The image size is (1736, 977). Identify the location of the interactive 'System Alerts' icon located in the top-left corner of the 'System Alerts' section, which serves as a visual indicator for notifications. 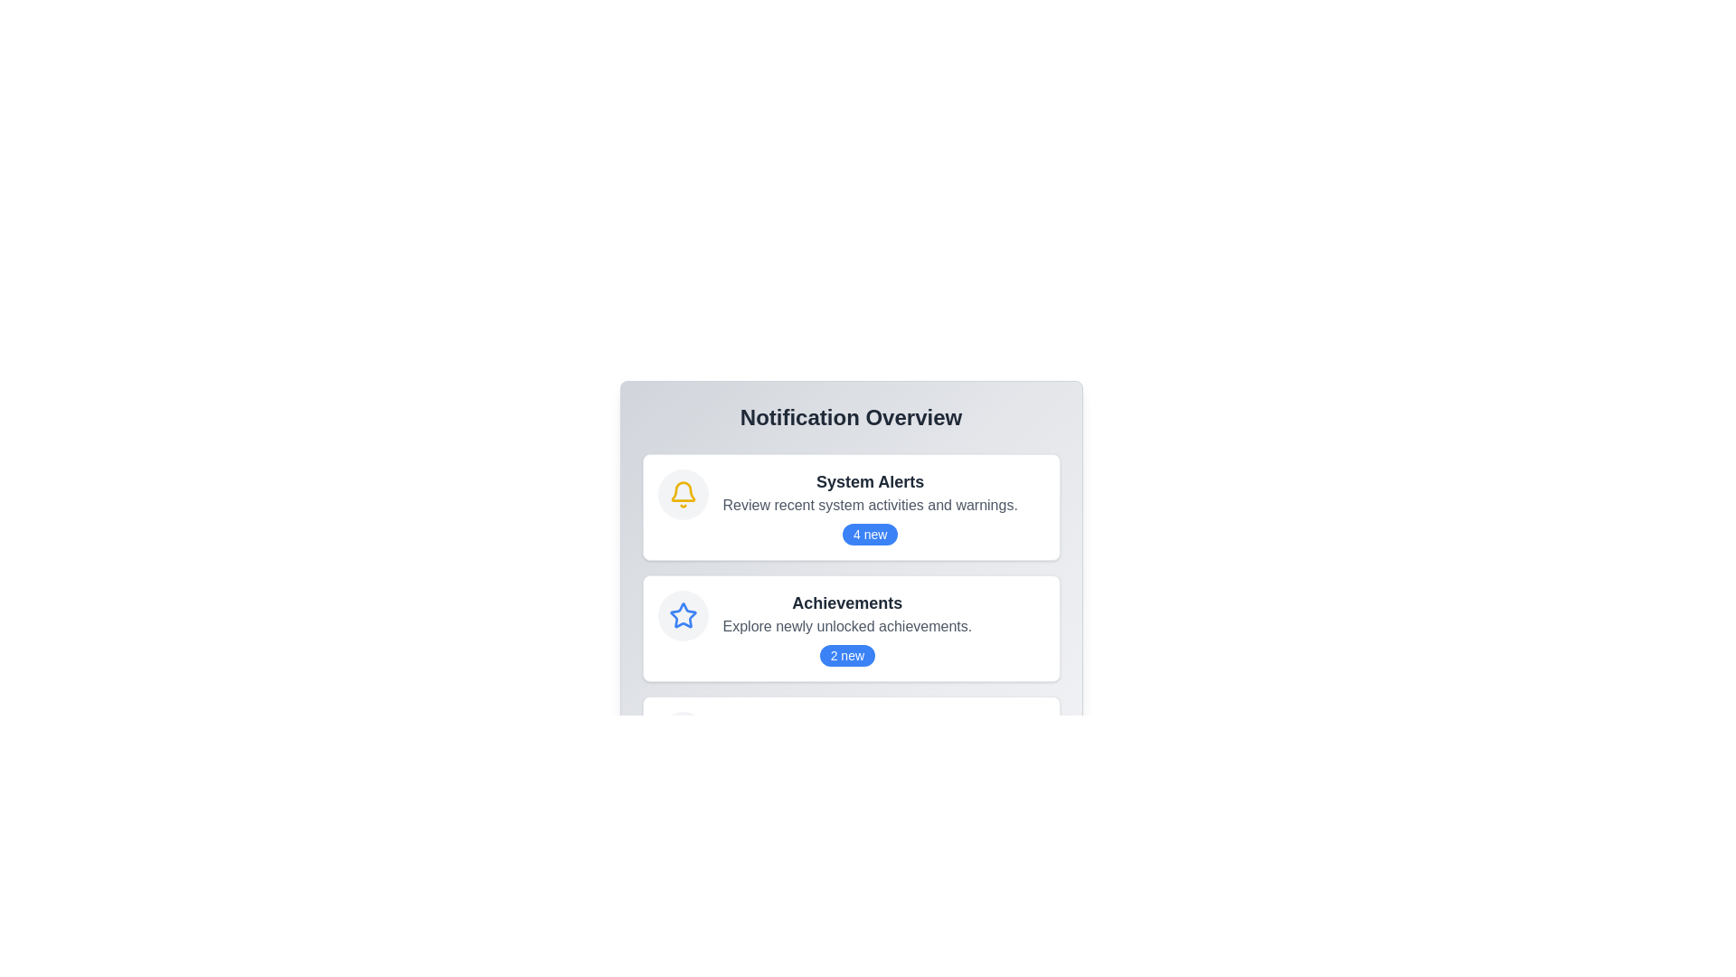
(682, 495).